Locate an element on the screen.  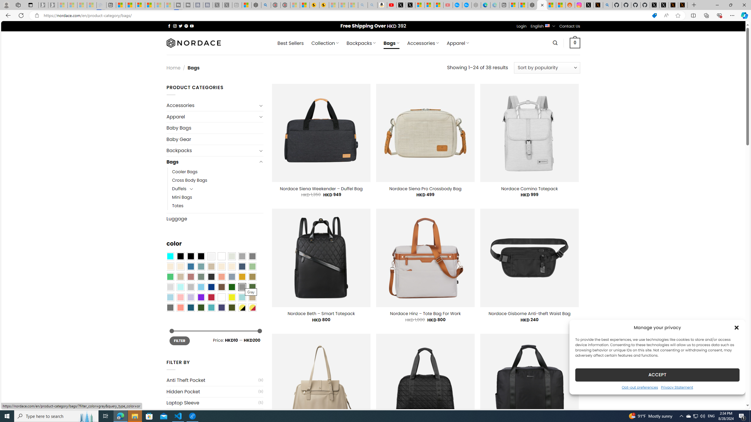
'Blue Sage' is located at coordinates (201, 266).